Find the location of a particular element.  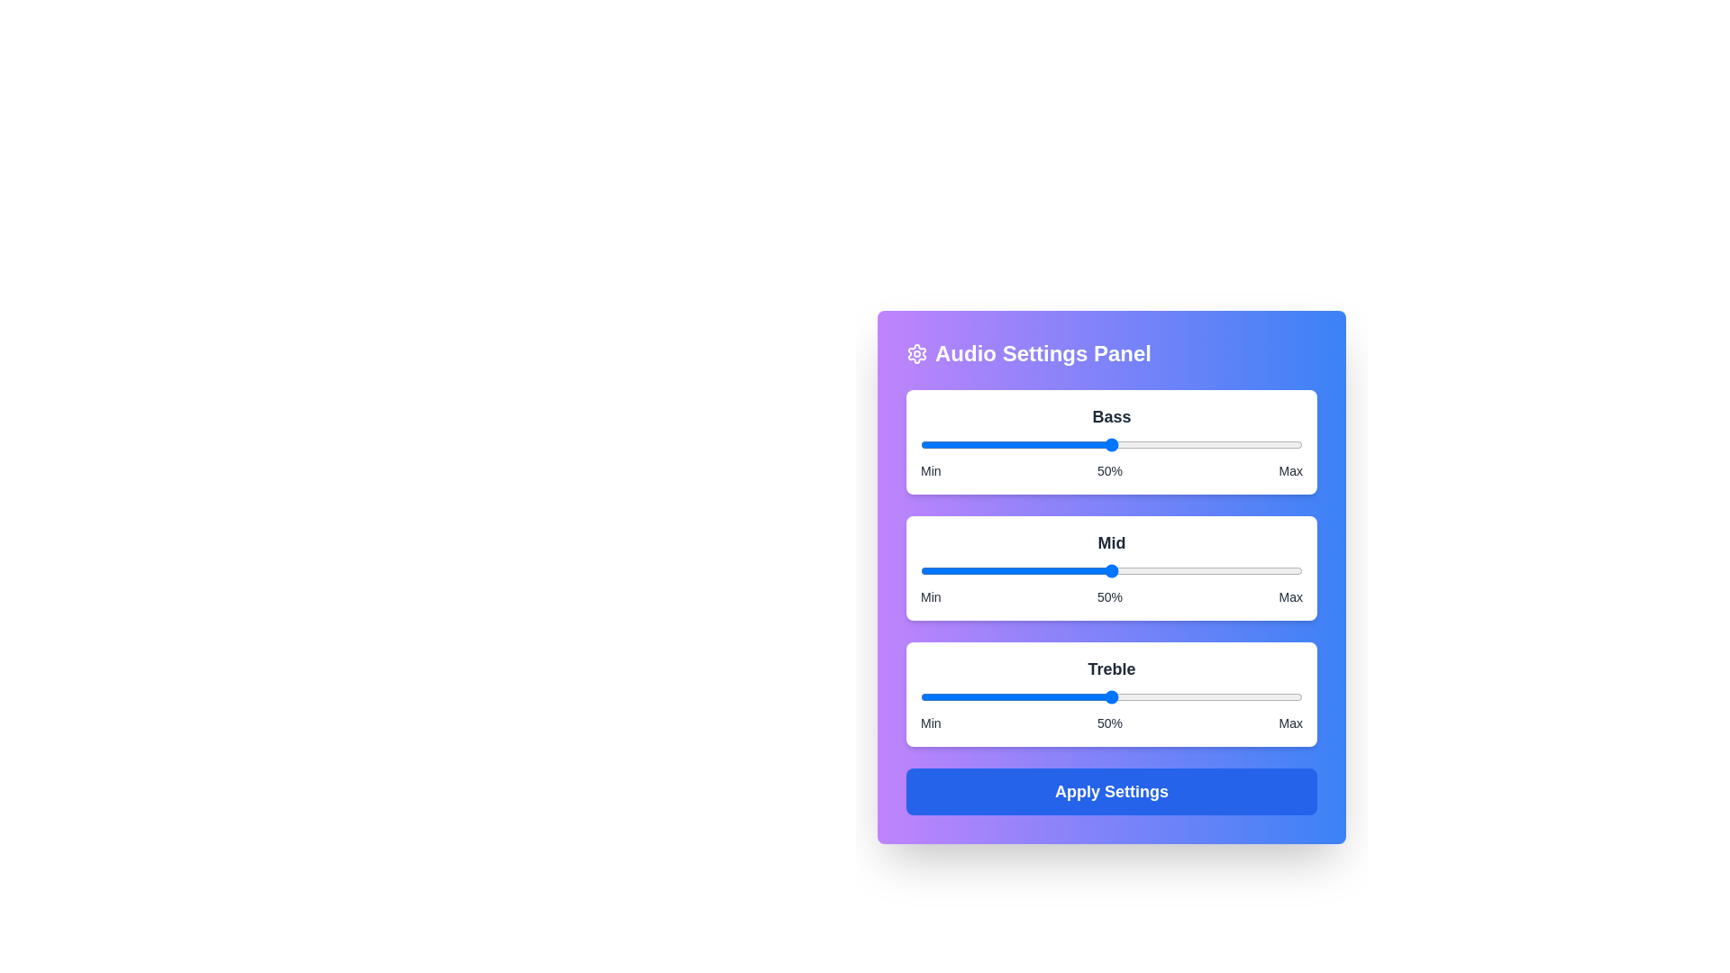

the Label group displaying the text 'Min', '50%', and 'Max' which is positioned beneath the slider in the Audio Settings Panel is located at coordinates (1110, 597).